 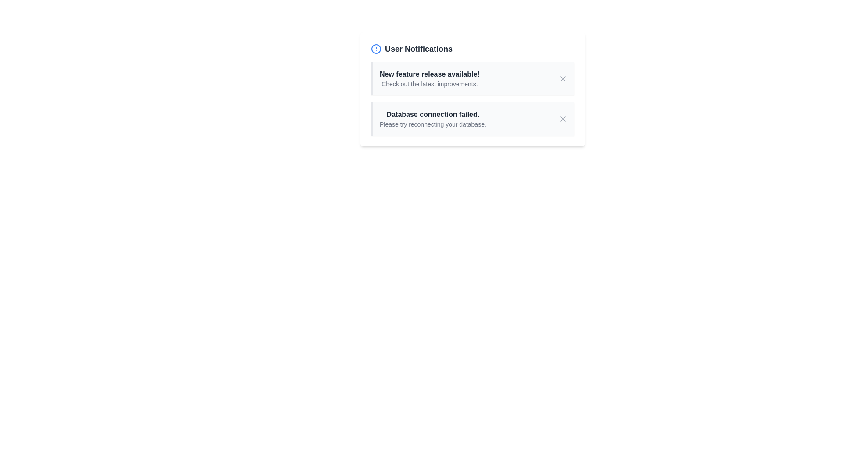 What do you see at coordinates (563, 119) in the screenshot?
I see `the dismiss button located at the top-right corner of the notification card containing the message 'Database connection failed.'` at bounding box center [563, 119].